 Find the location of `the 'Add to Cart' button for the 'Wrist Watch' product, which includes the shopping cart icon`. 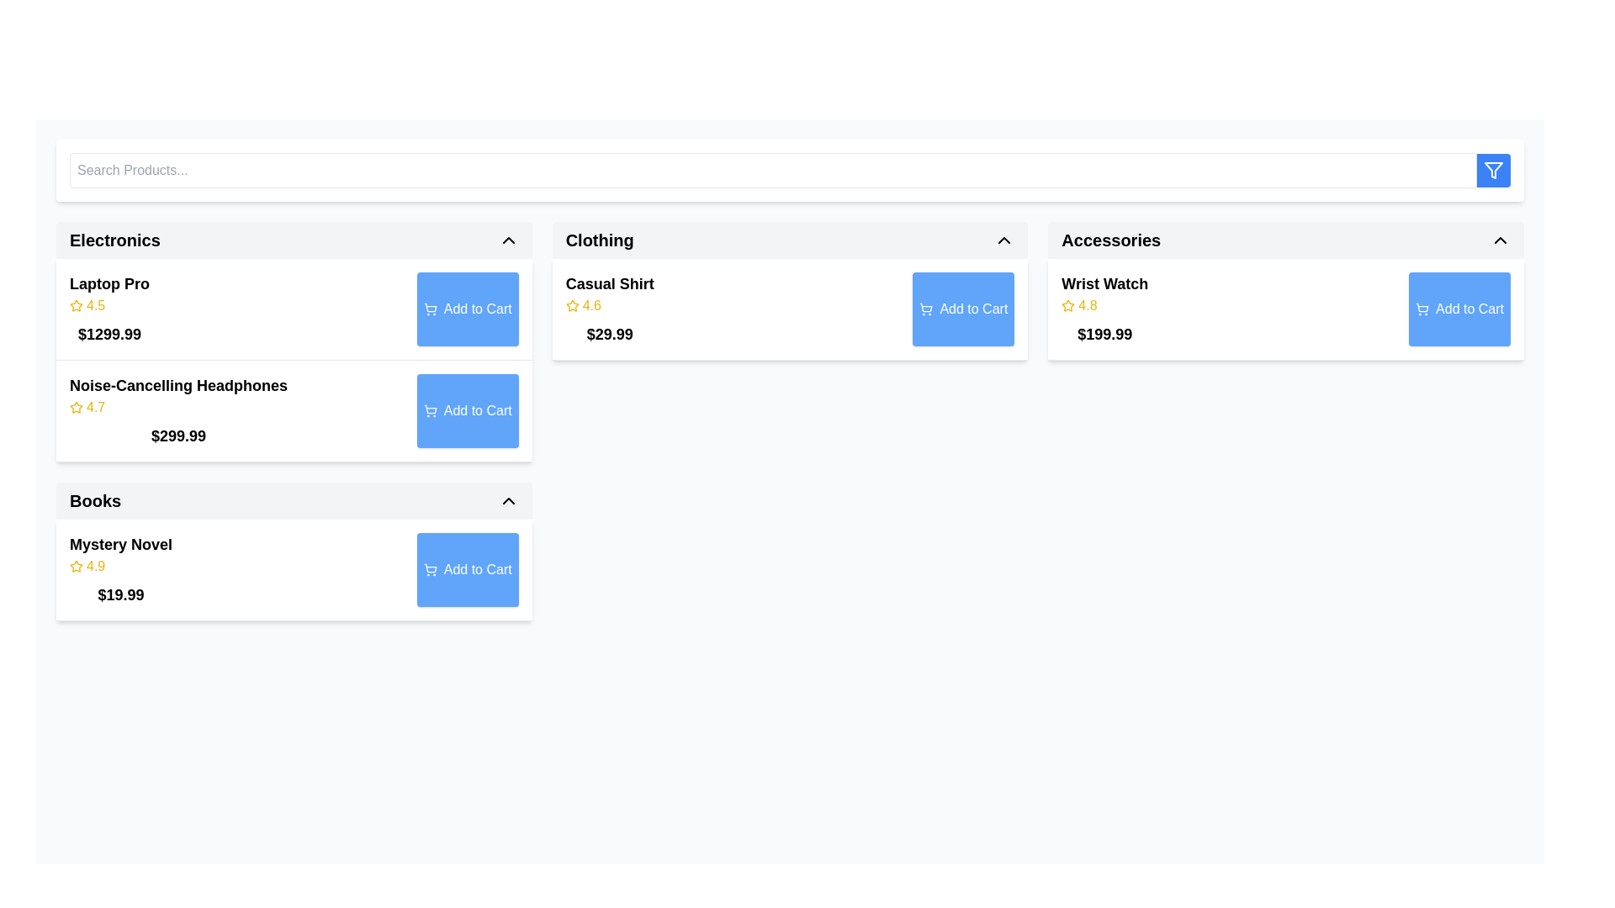

the 'Add to Cart' button for the 'Wrist Watch' product, which includes the shopping cart icon is located at coordinates (1422, 309).